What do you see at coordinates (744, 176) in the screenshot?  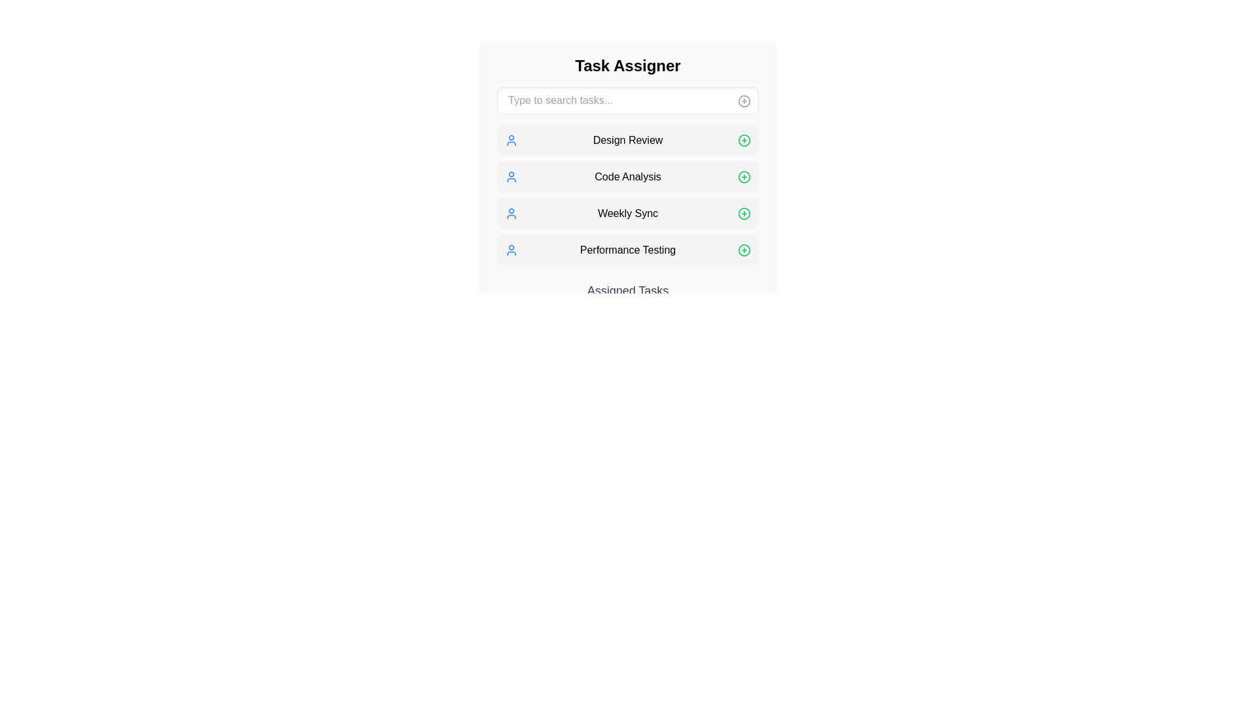 I see `the circular graphical element that is part of the interactive '+' icon associated with the 'Code Analysis' task in the task management interface` at bounding box center [744, 176].